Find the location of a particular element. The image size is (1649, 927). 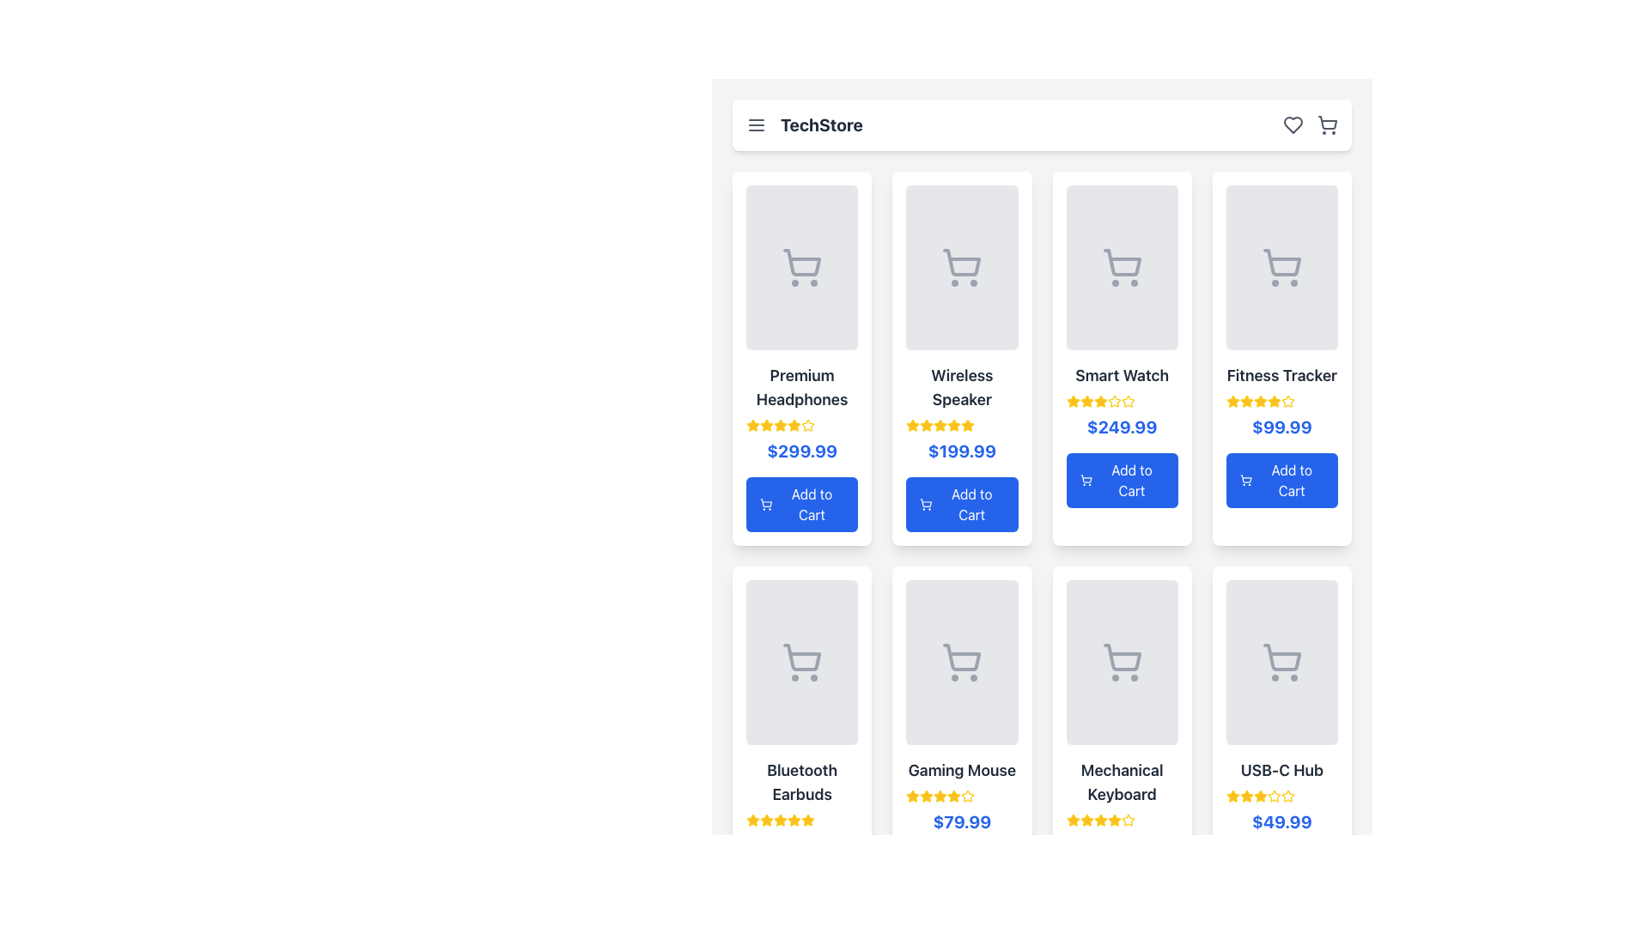

the fourth star icon, which is filled yellow and represents a rating under the 'USB-C Hub' product tile in the second row of the products grid is located at coordinates (1260, 797).